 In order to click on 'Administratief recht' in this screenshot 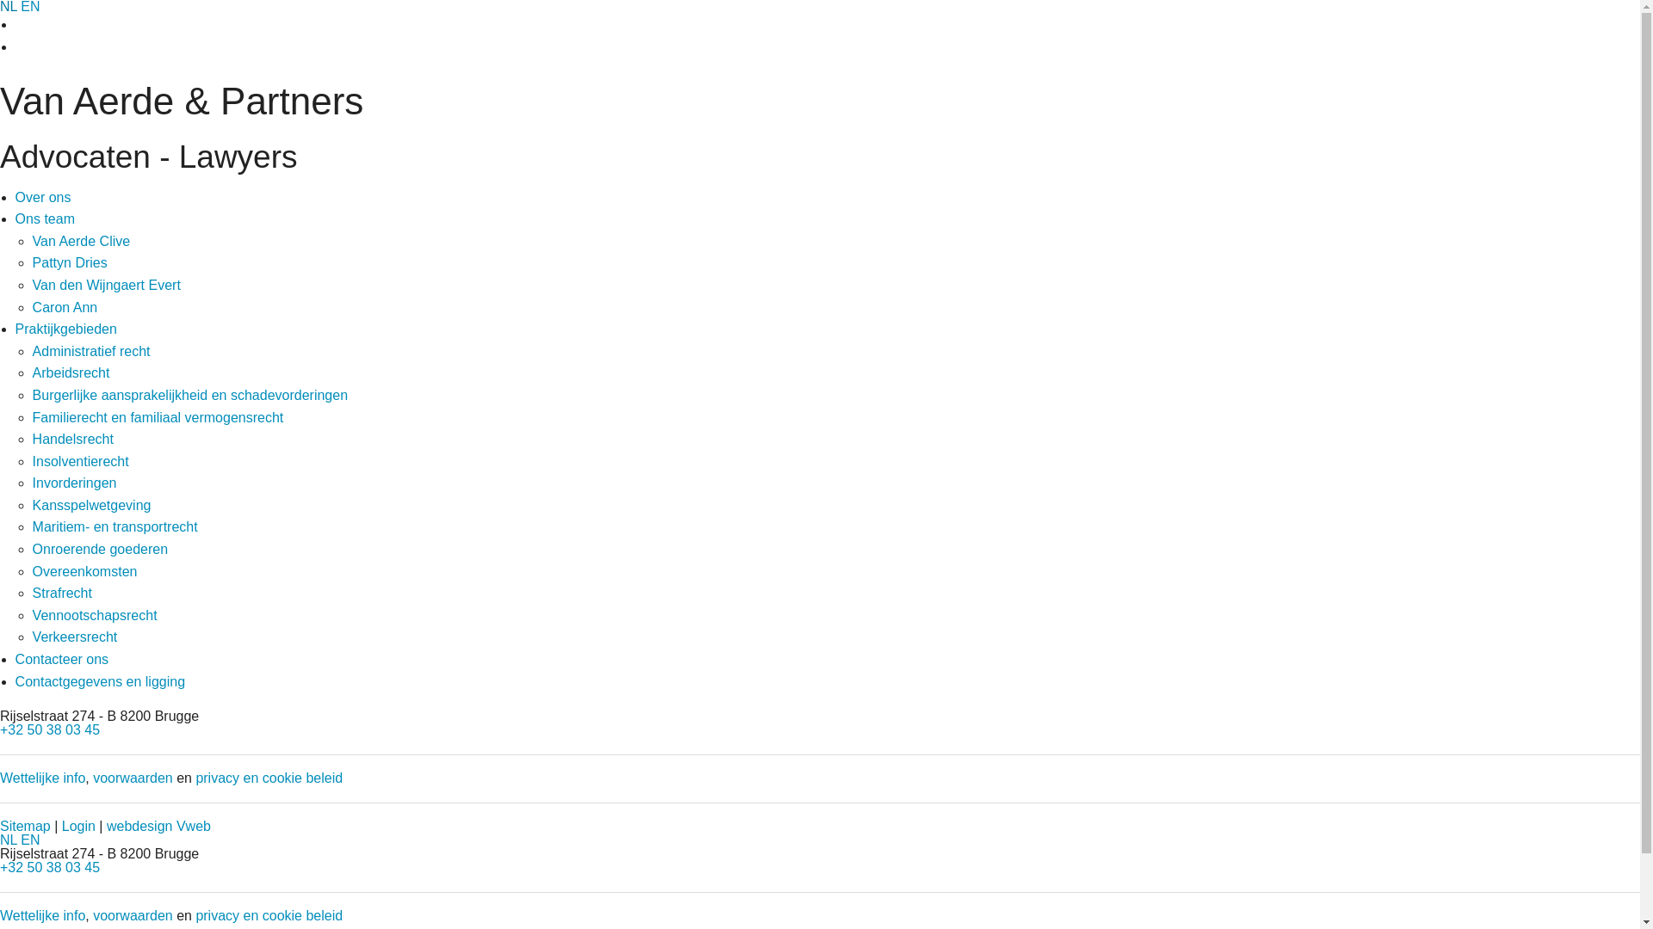, I will do `click(90, 350)`.